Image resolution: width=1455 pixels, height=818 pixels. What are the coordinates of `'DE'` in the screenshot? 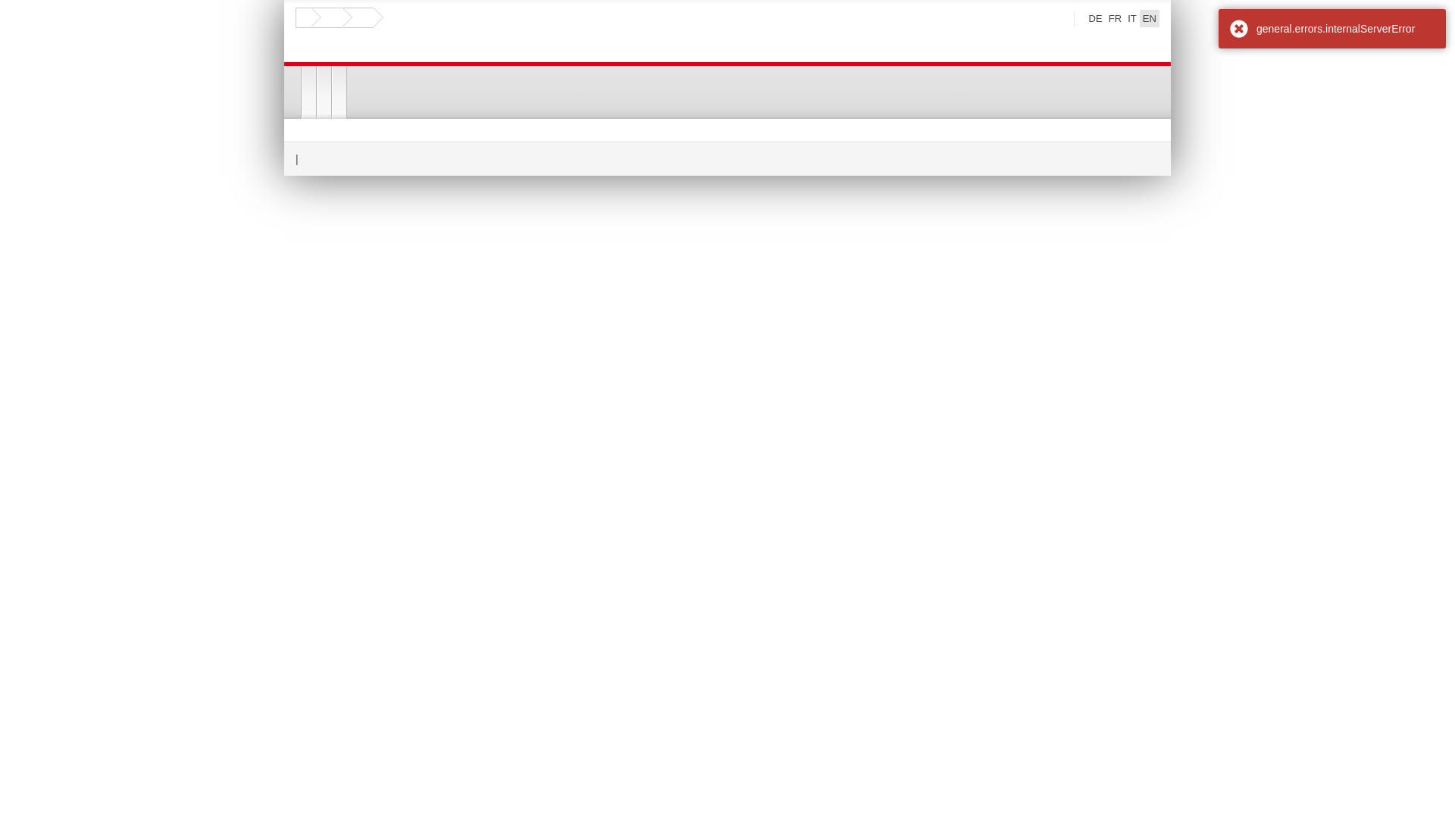 It's located at (1085, 18).